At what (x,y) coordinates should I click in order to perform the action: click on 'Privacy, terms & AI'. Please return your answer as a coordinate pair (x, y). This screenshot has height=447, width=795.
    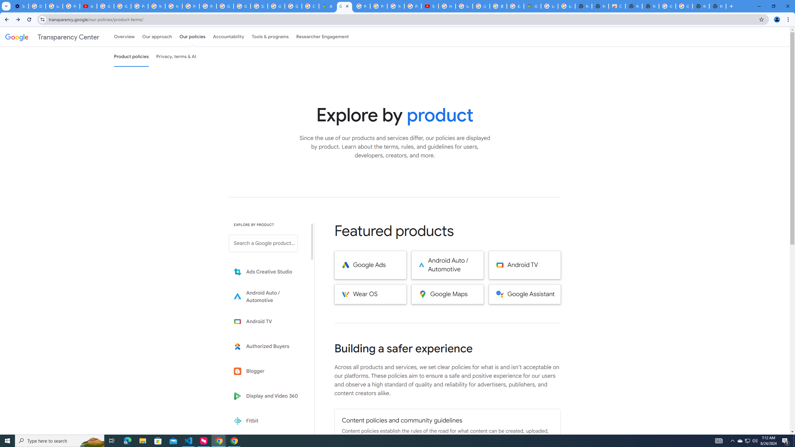
    Looking at the image, I should click on (176, 56).